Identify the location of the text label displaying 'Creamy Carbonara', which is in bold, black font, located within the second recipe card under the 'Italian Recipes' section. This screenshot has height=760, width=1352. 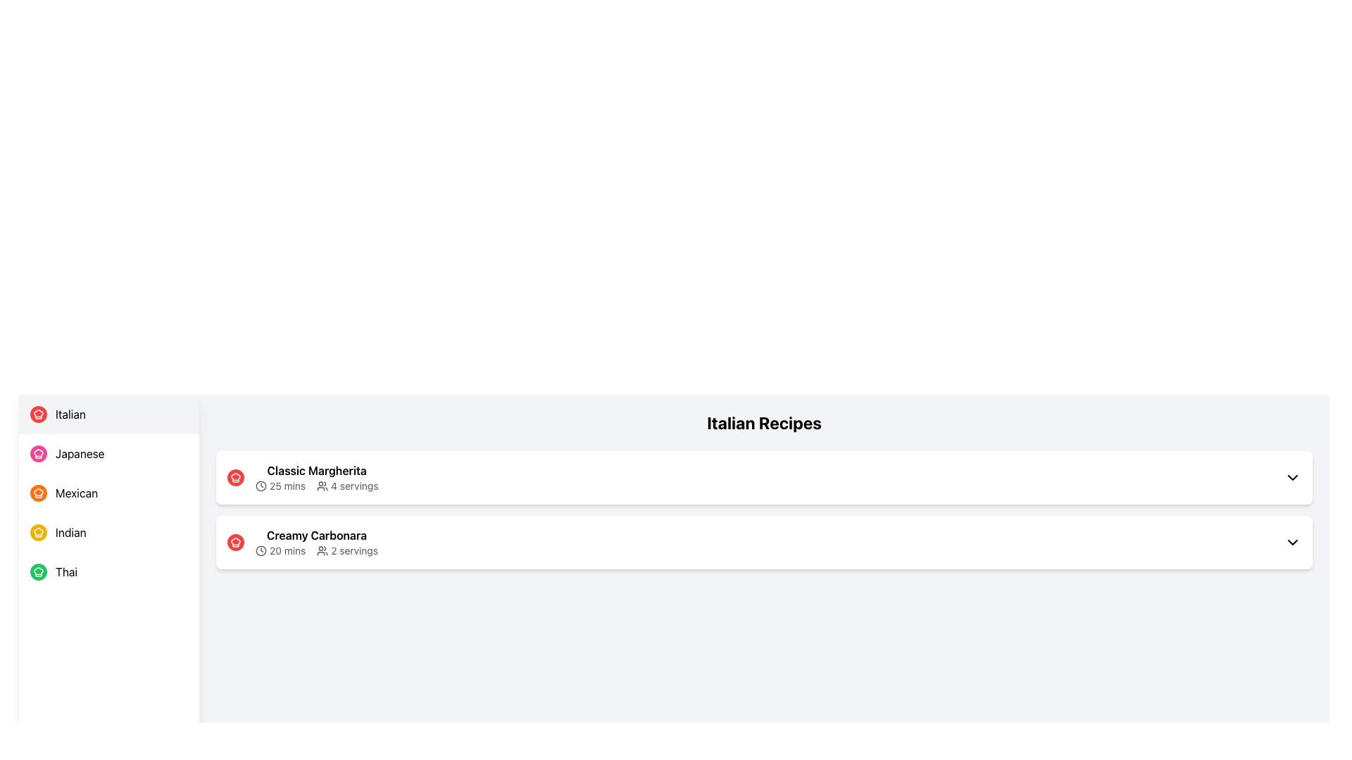
(316, 535).